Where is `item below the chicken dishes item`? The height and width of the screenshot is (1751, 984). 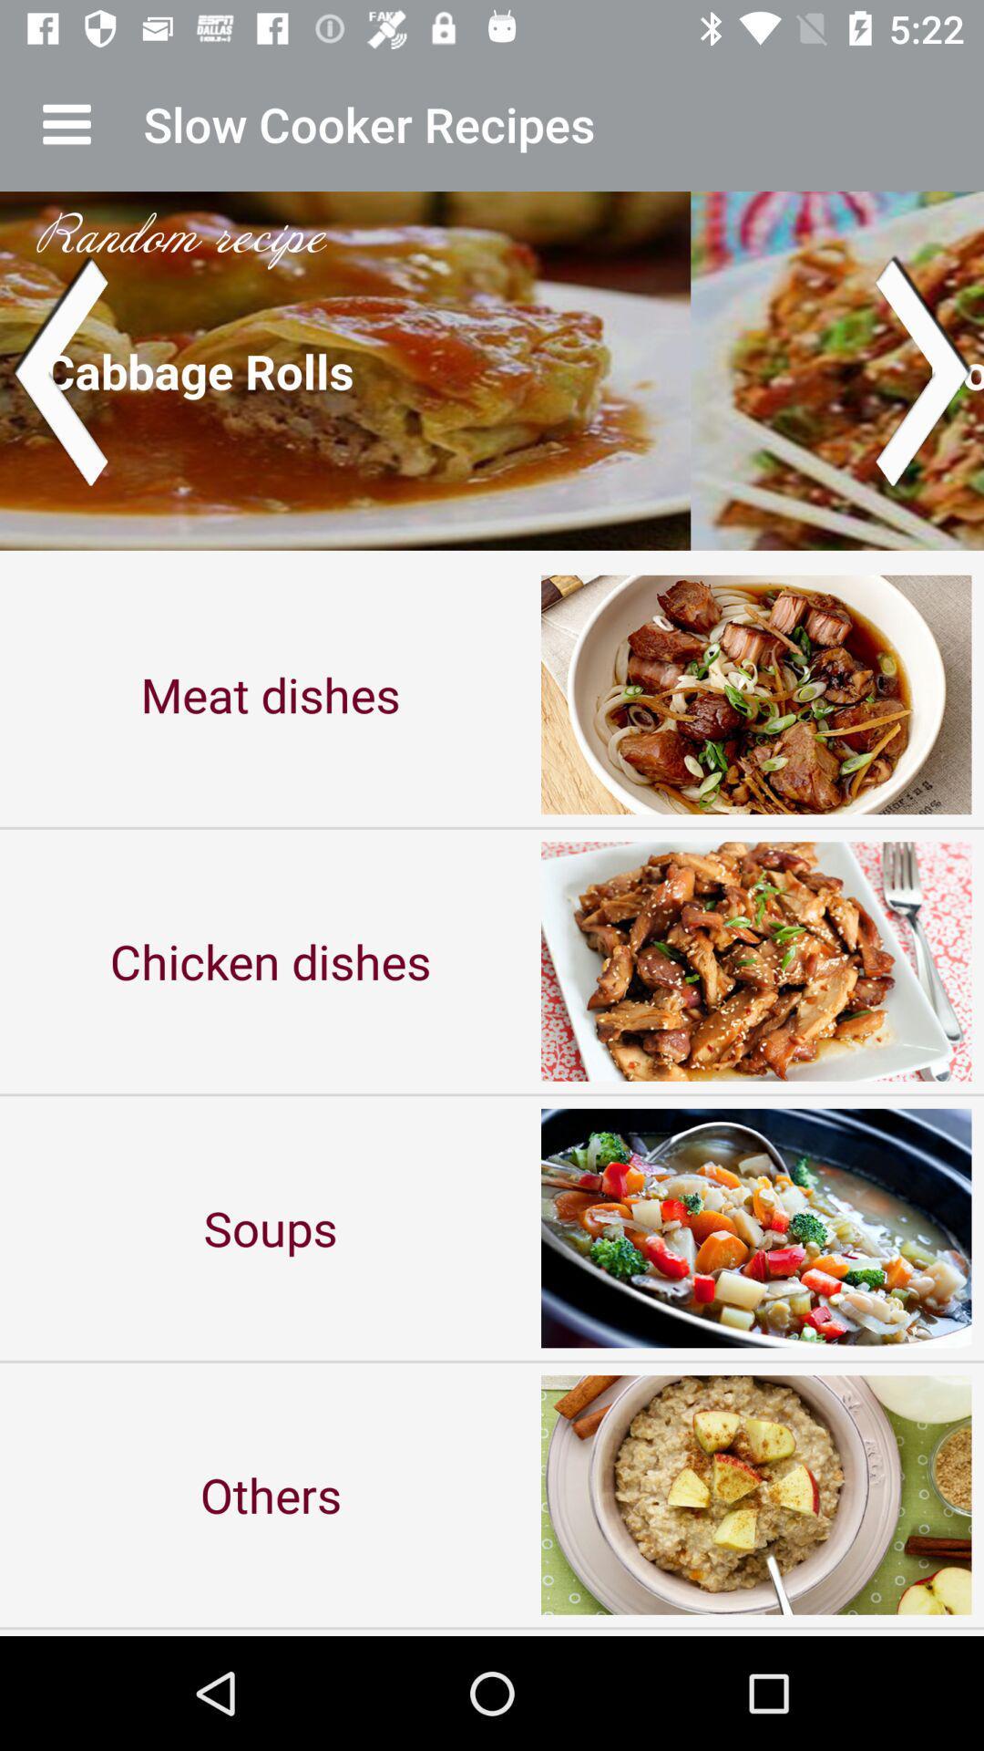
item below the chicken dishes item is located at coordinates (271, 1228).